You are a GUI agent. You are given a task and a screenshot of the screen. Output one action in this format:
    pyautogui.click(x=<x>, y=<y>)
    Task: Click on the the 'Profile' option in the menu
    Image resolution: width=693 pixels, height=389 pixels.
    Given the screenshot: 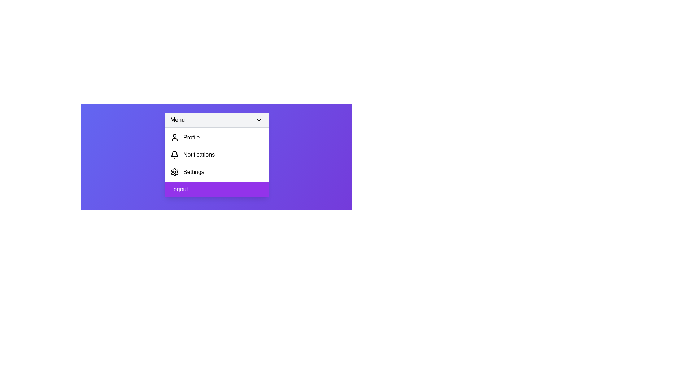 What is the action you would take?
    pyautogui.click(x=216, y=137)
    